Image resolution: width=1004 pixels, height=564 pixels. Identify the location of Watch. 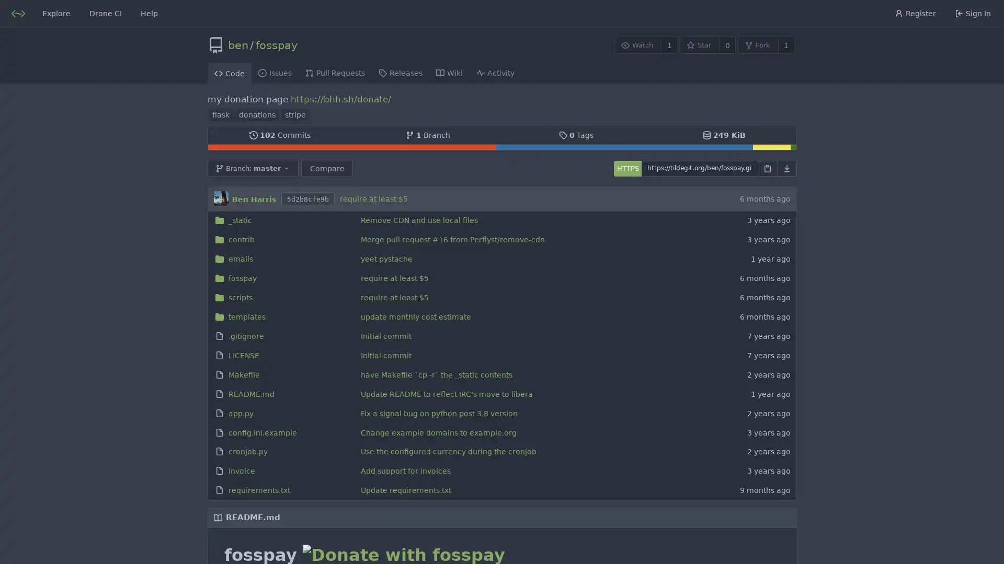
(637, 44).